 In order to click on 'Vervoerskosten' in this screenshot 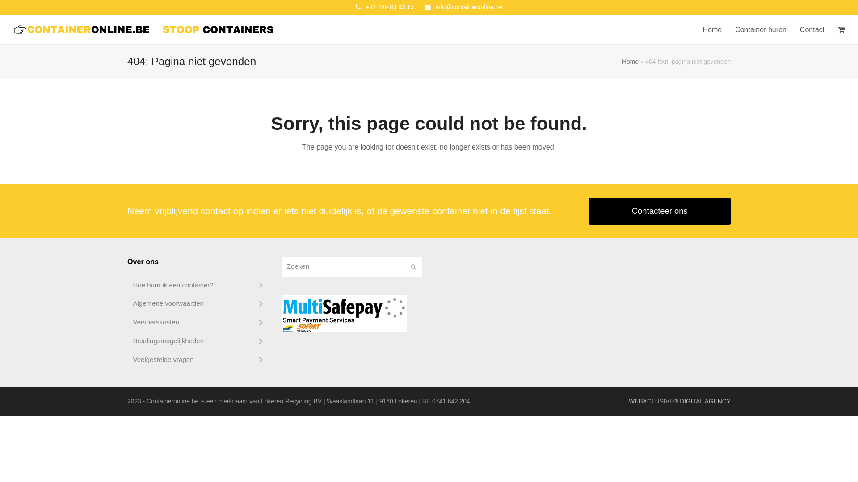, I will do `click(197, 322)`.